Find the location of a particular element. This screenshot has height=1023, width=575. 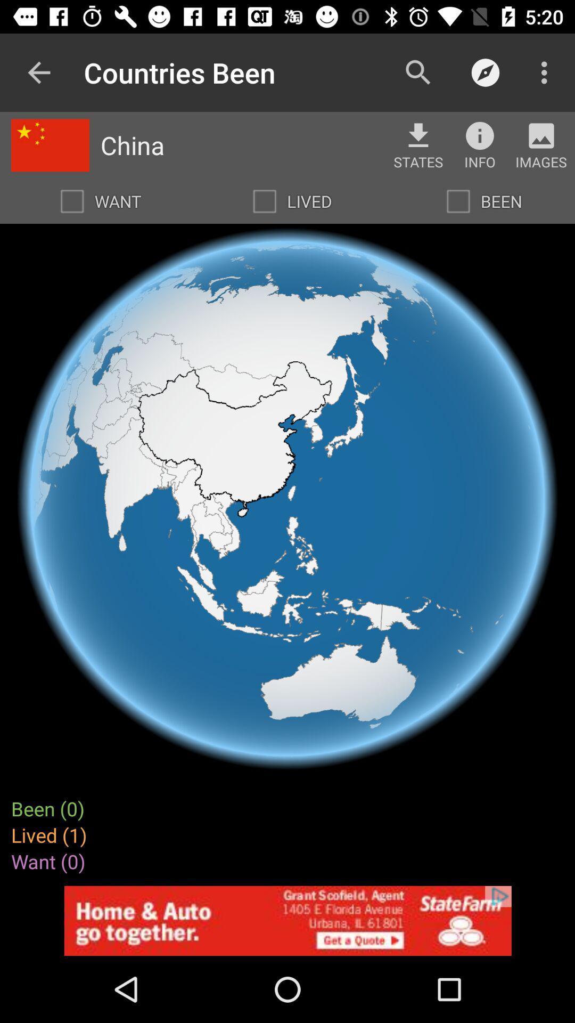

the avatar icon is located at coordinates (541, 135).